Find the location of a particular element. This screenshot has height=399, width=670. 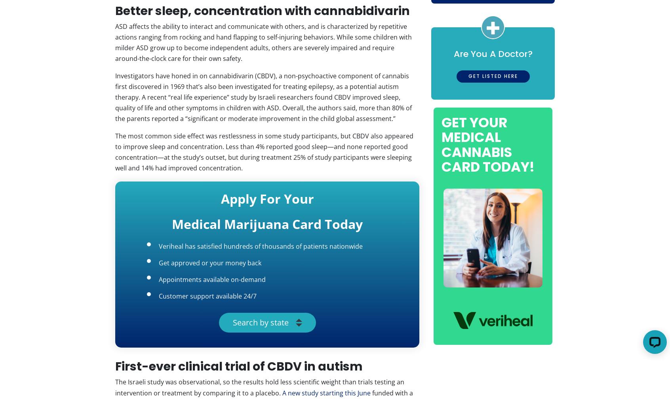

'Are You A Doctor?' is located at coordinates (493, 53).